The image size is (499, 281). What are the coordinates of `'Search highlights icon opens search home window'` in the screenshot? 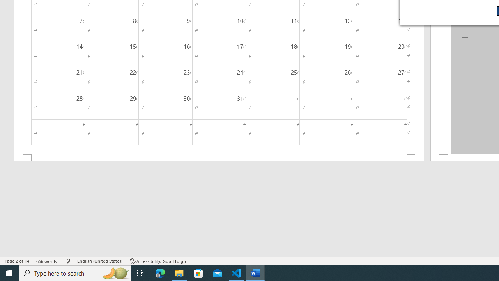 It's located at (115, 272).